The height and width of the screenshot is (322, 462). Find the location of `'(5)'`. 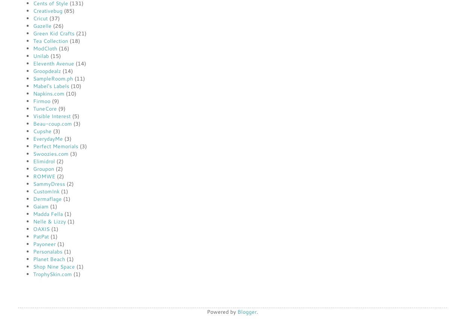

'(5)' is located at coordinates (75, 115).